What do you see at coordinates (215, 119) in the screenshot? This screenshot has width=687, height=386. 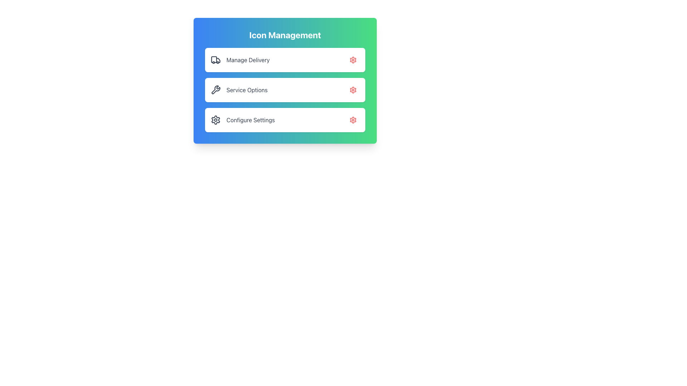 I see `the gear-shaped icon with a dark outline and a white interior located in the bottom-right corner of the 'Configure Settings' item` at bounding box center [215, 119].